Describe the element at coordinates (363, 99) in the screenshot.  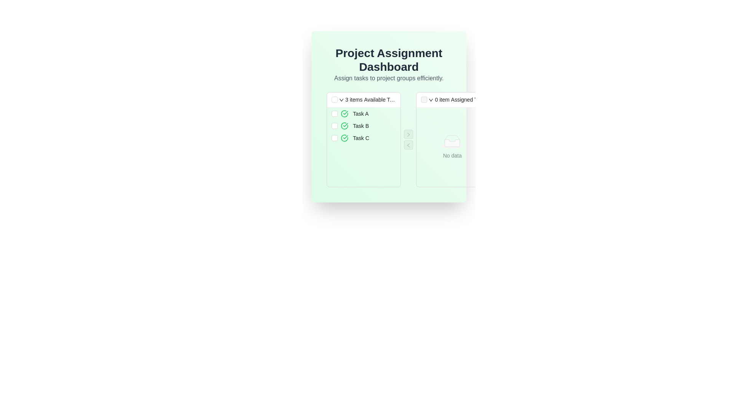
I see `the header element that contains the label, checkbox, and dropdown` at that location.